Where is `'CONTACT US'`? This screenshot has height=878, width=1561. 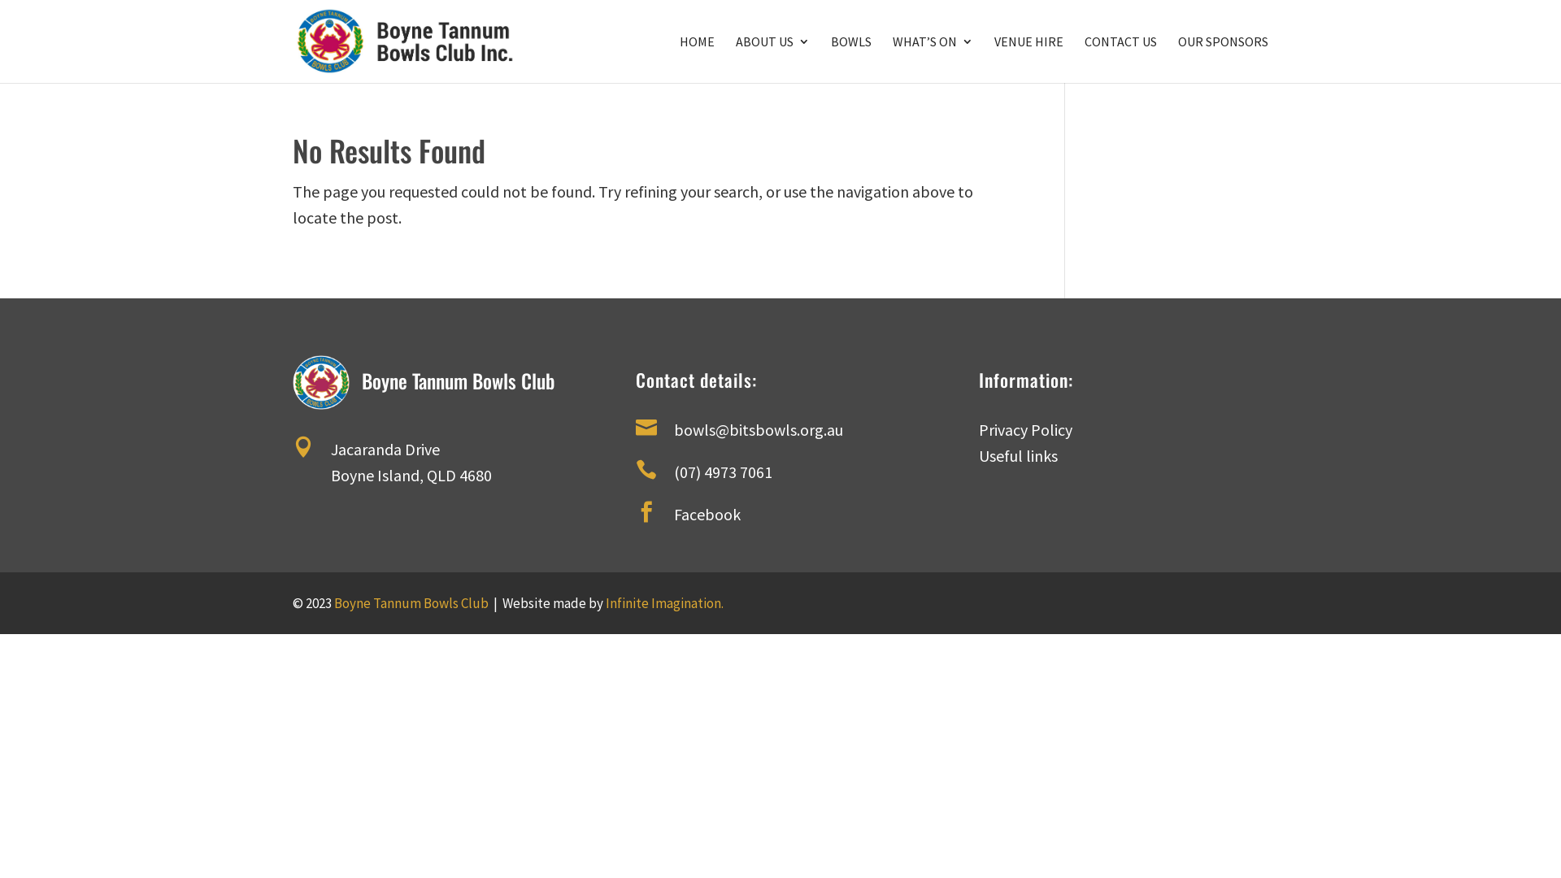
'CONTACT US' is located at coordinates (1085, 59).